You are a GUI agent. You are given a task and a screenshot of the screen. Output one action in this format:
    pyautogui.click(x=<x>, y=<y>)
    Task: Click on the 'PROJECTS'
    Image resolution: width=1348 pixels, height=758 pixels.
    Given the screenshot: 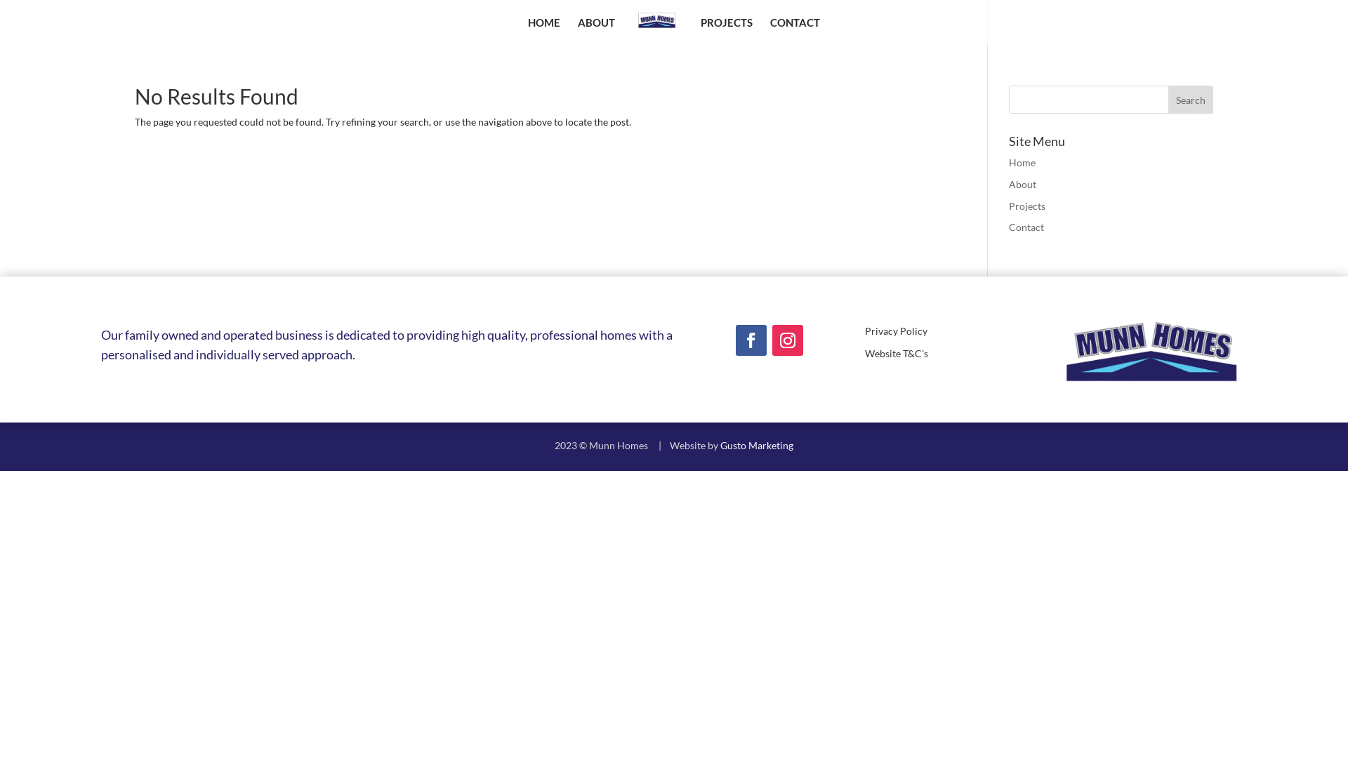 What is the action you would take?
    pyautogui.click(x=727, y=31)
    